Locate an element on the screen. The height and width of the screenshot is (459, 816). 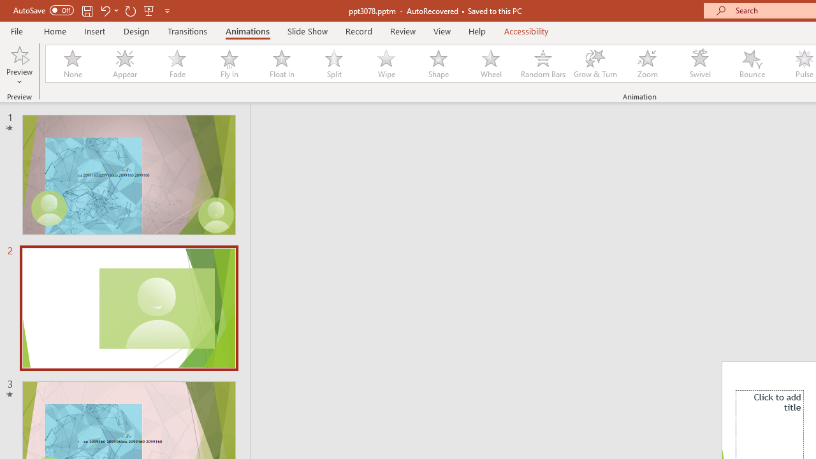
'Float In' is located at coordinates (280, 64).